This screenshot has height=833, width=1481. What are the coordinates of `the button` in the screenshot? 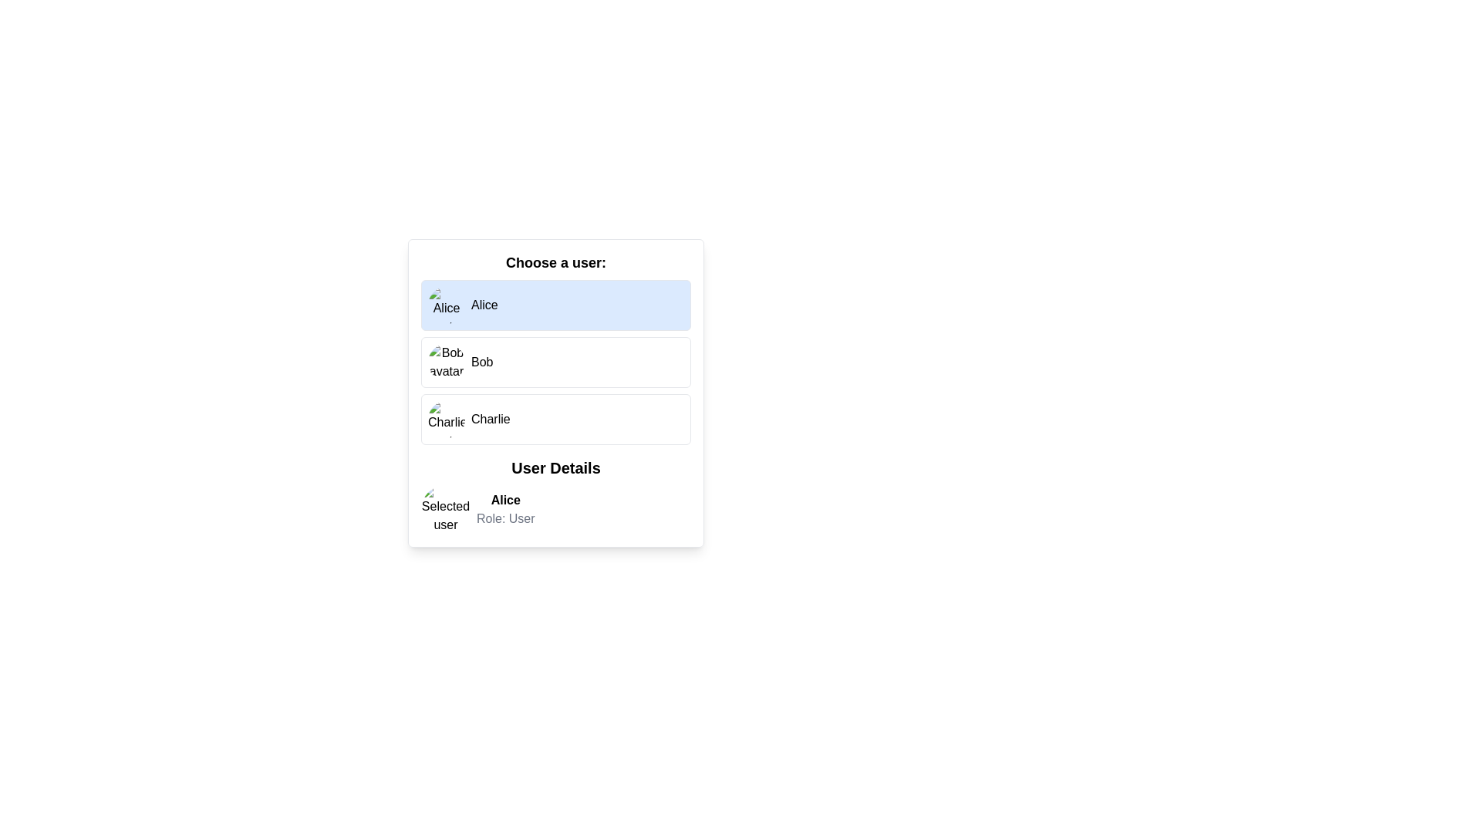 It's located at (555, 305).